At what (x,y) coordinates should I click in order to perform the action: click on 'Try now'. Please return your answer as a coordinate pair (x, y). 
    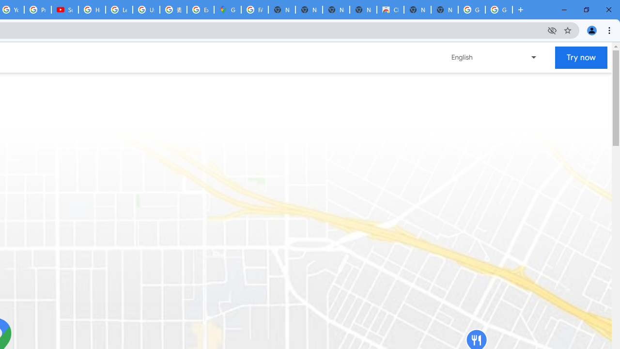
    Looking at the image, I should click on (581, 57).